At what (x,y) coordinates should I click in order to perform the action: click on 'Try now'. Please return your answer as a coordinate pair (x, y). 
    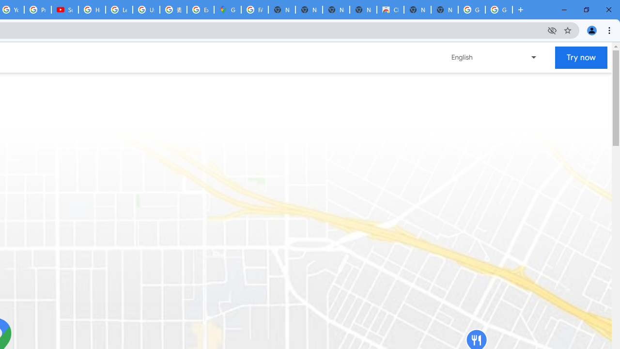
    Looking at the image, I should click on (581, 57).